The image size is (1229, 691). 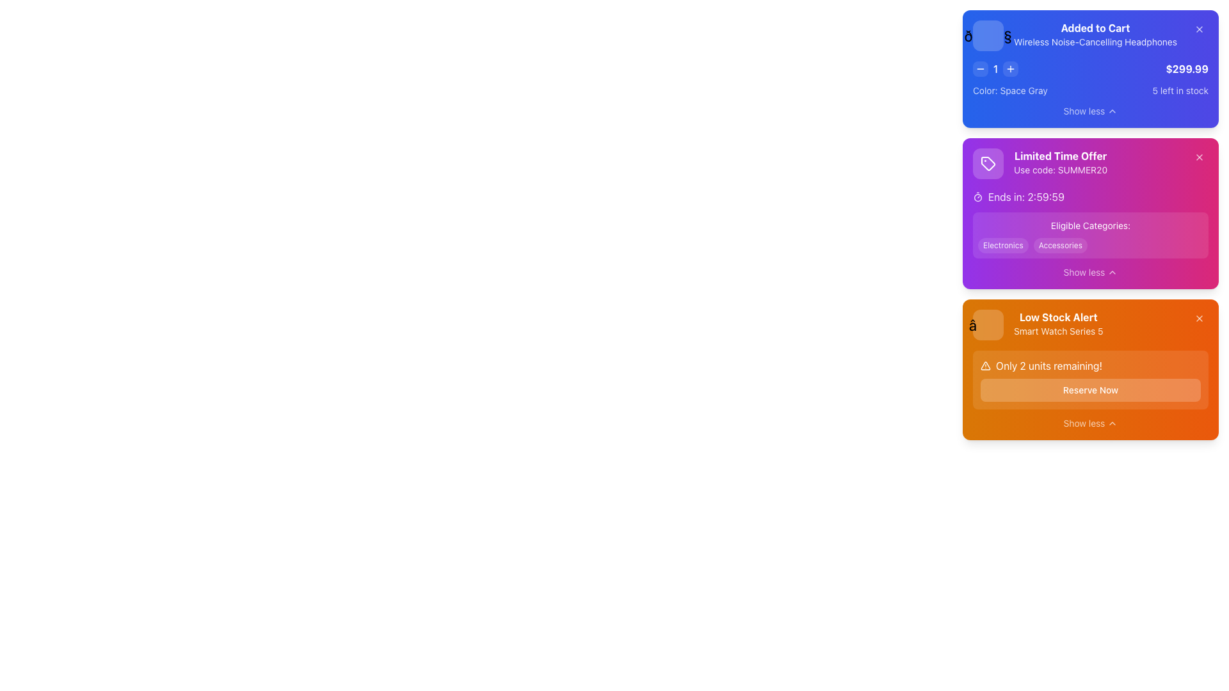 I want to click on the tag icon located in the top-left corner of the purple widget titled 'Limited Time Offer', so click(x=988, y=163).